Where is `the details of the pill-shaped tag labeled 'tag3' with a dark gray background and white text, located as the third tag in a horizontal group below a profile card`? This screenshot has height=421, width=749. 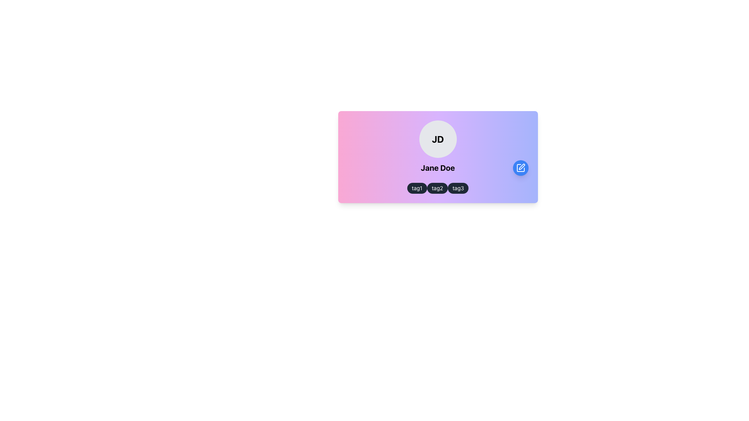 the details of the pill-shaped tag labeled 'tag3' with a dark gray background and white text, located as the third tag in a horizontal group below a profile card is located at coordinates (458, 188).